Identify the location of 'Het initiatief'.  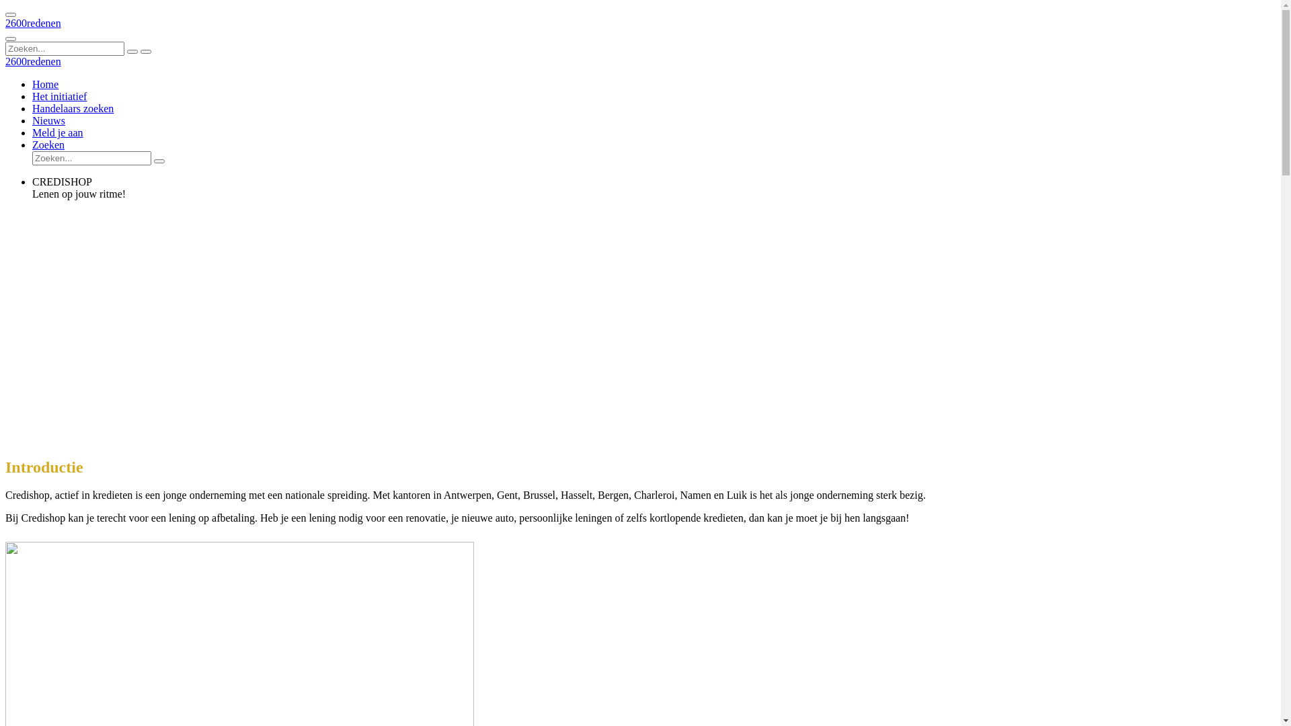
(58, 95).